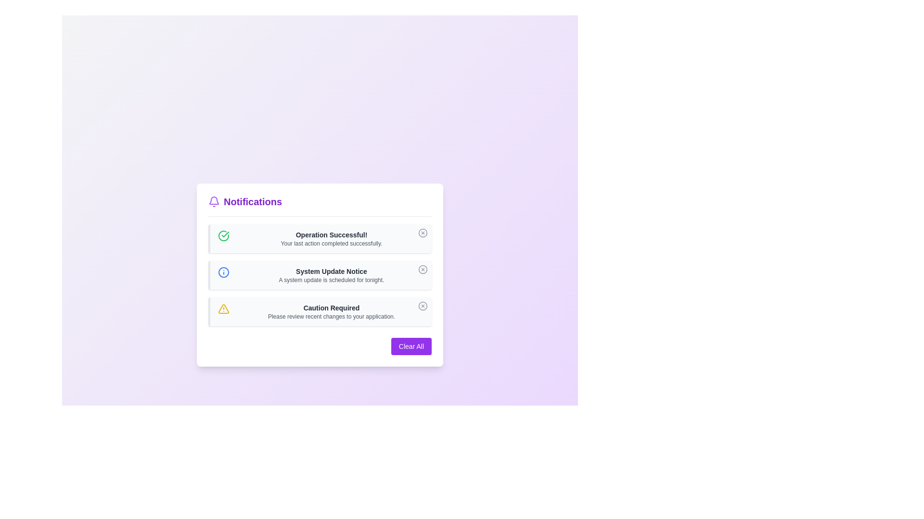 The height and width of the screenshot is (519, 924). I want to click on the close button located at the top-right corner of the notification card displaying 'Operation Successful!' to change its color, so click(423, 233).